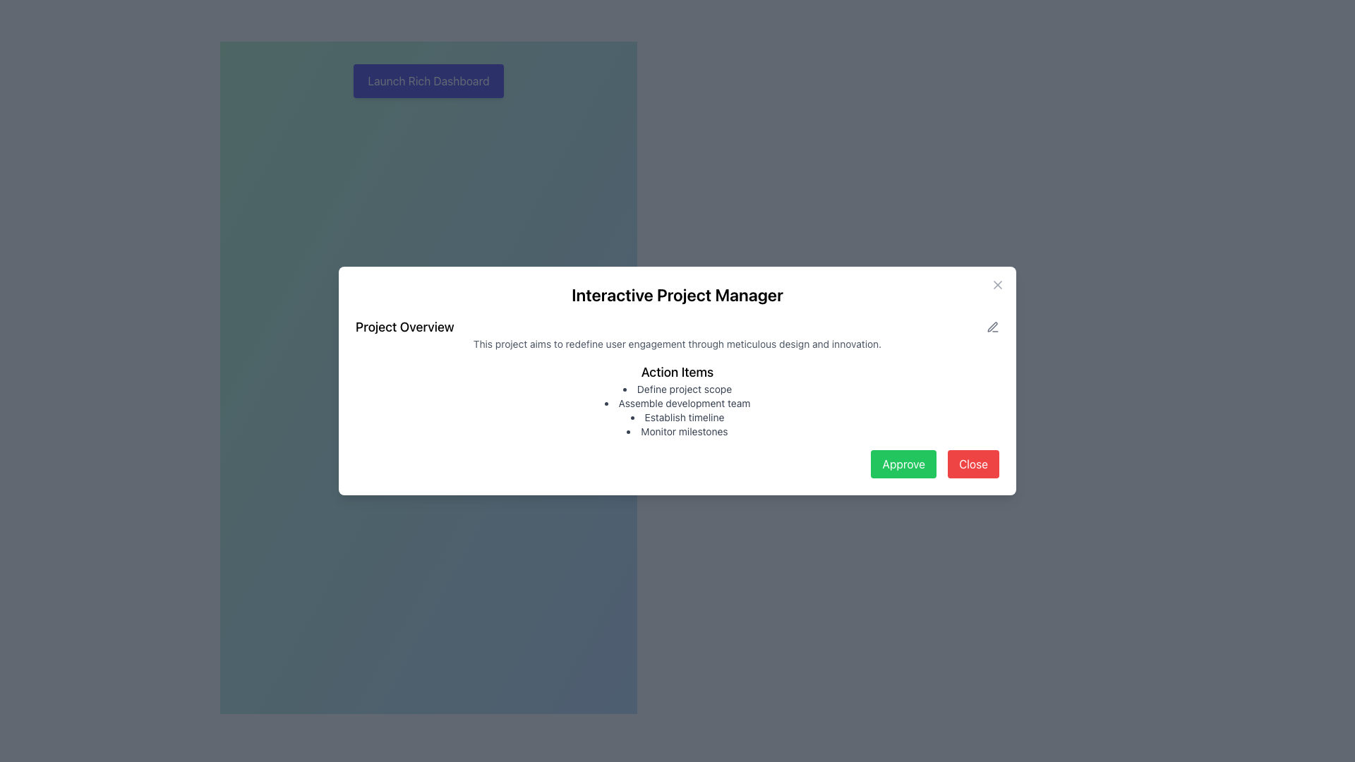  What do you see at coordinates (677, 397) in the screenshot?
I see `the bulleted items in the 'Action Items' section of the 'Project Overview' informational panel located within the 'Interactive Project Manager' modal dialog` at bounding box center [677, 397].